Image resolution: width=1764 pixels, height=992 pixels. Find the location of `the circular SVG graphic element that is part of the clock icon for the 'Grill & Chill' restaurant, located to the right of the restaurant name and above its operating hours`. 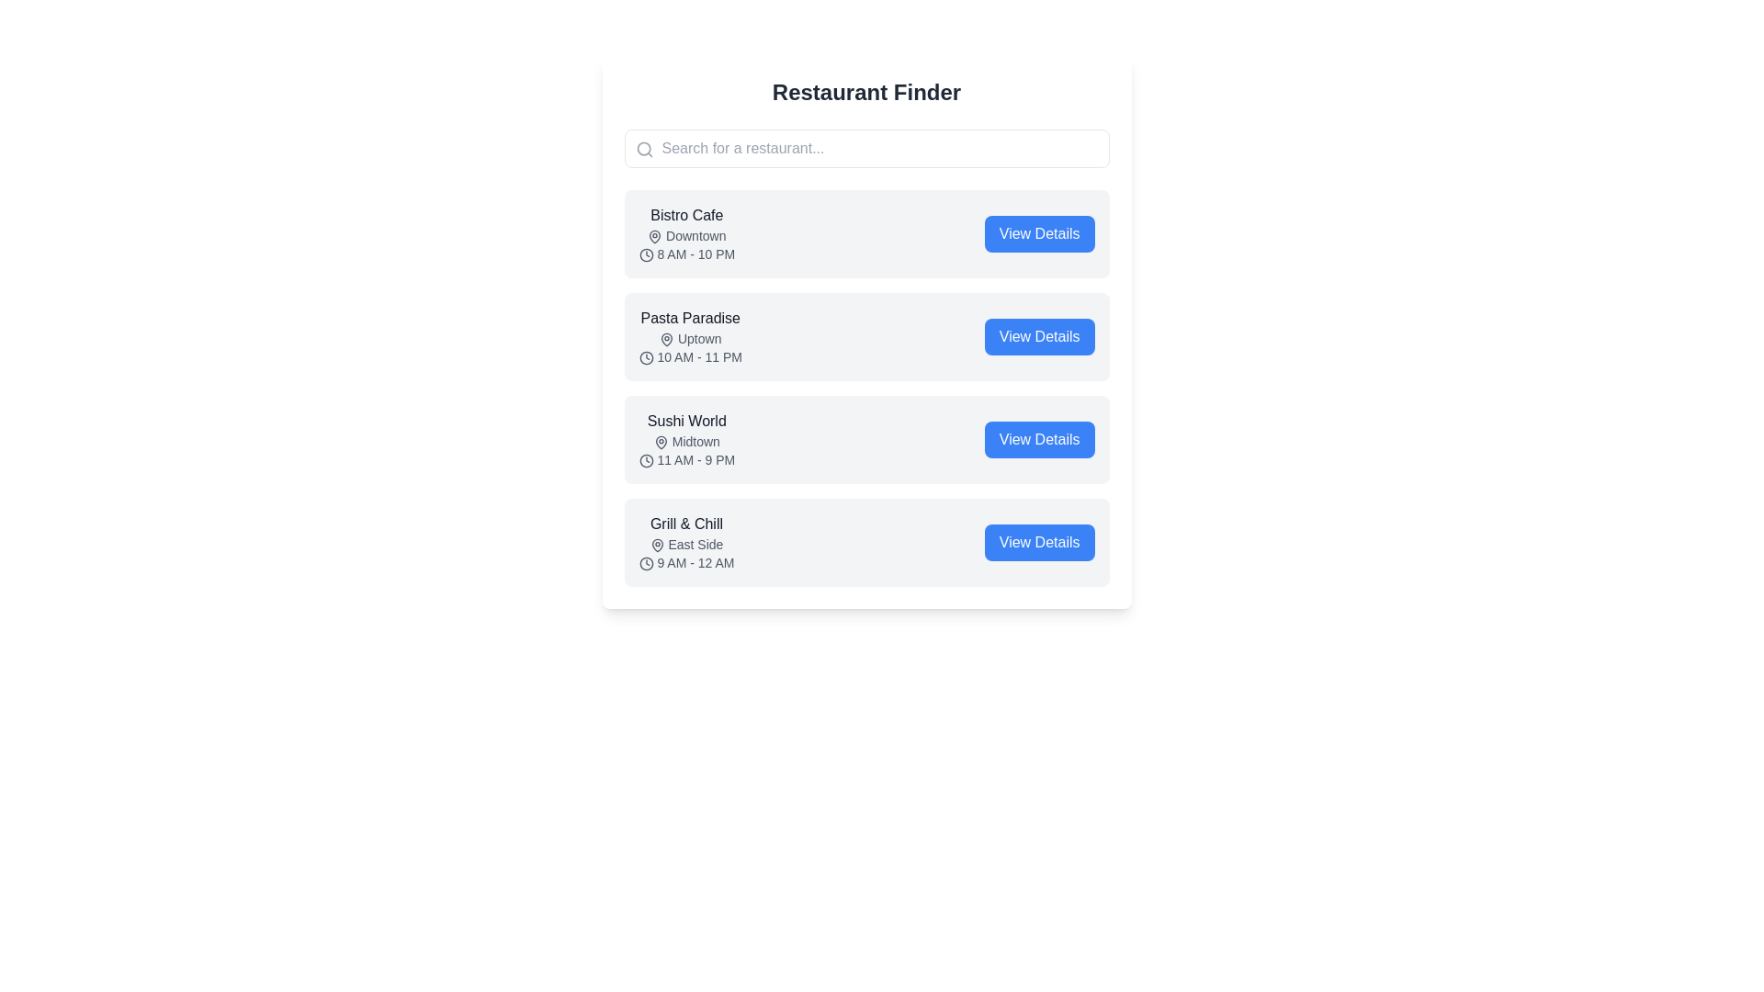

the circular SVG graphic element that is part of the clock icon for the 'Grill & Chill' restaurant, located to the right of the restaurant name and above its operating hours is located at coordinates (646, 563).